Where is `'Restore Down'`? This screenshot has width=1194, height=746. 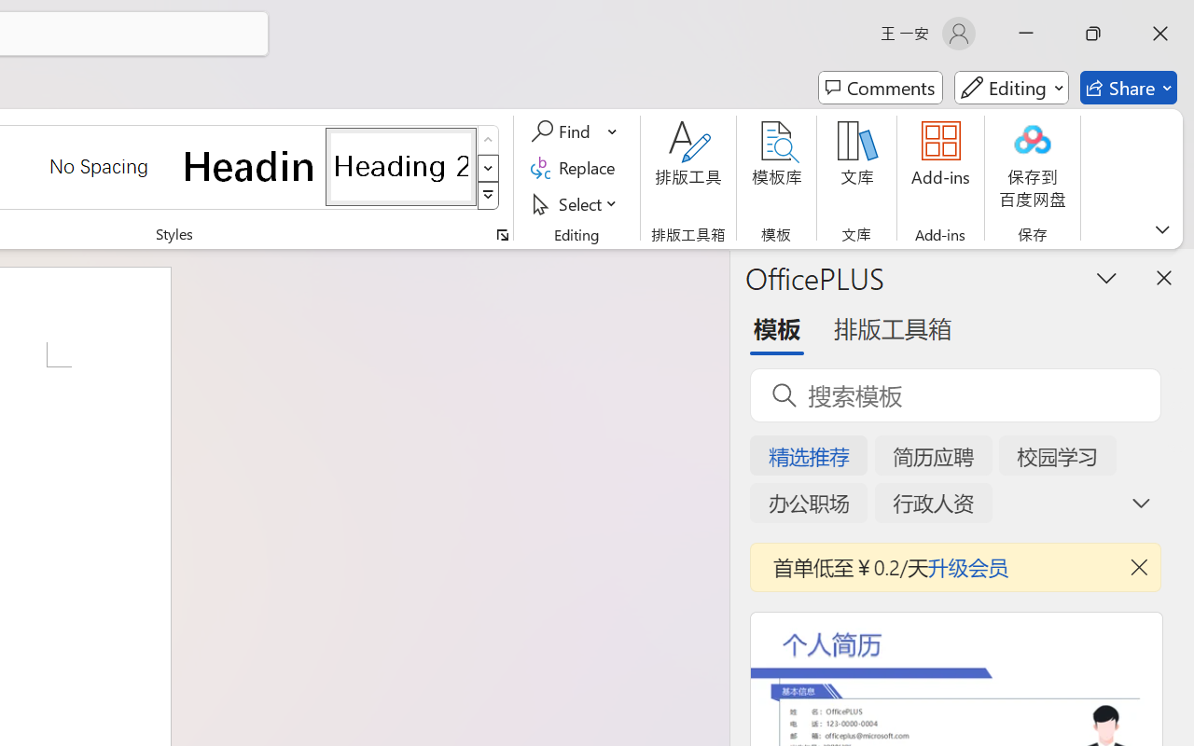
'Restore Down' is located at coordinates (1093, 33).